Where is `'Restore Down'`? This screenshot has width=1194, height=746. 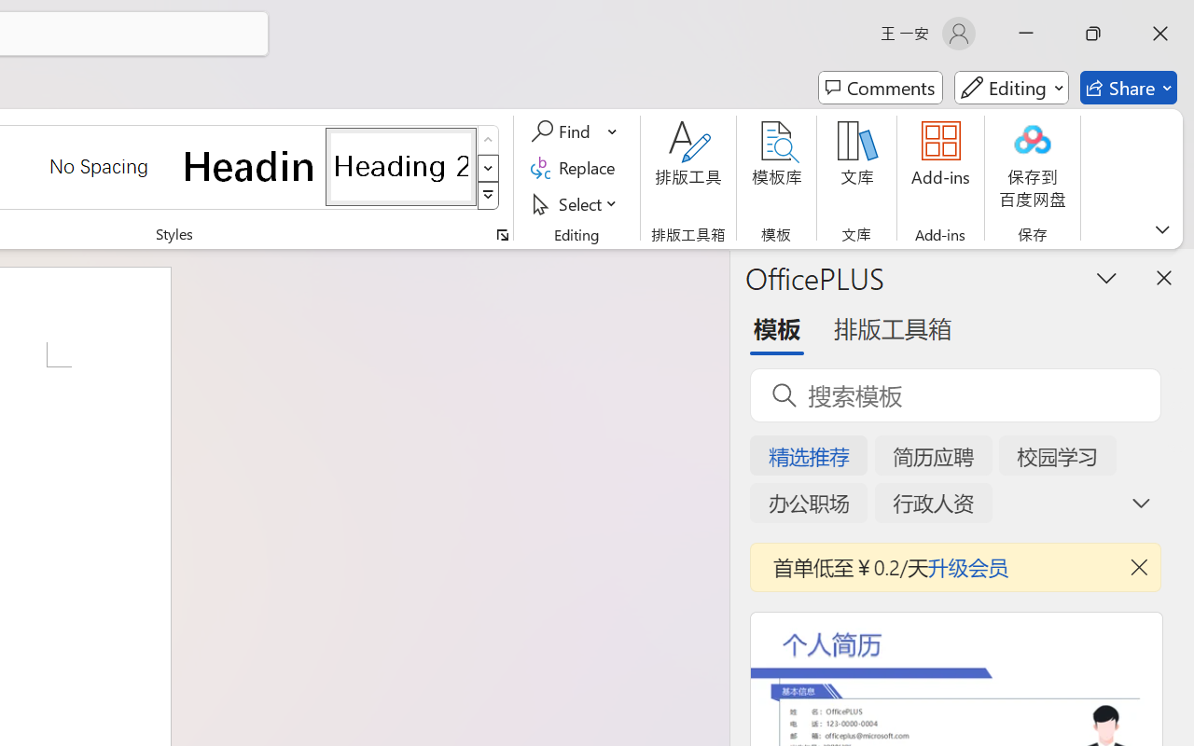
'Restore Down' is located at coordinates (1093, 33).